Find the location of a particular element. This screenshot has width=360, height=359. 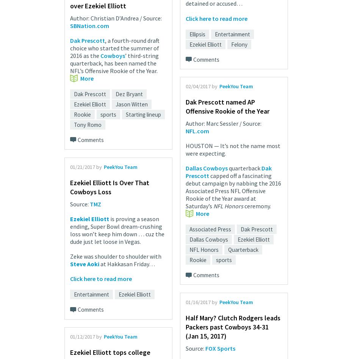

'Author: Christian D’Andrea' is located at coordinates (104, 18).